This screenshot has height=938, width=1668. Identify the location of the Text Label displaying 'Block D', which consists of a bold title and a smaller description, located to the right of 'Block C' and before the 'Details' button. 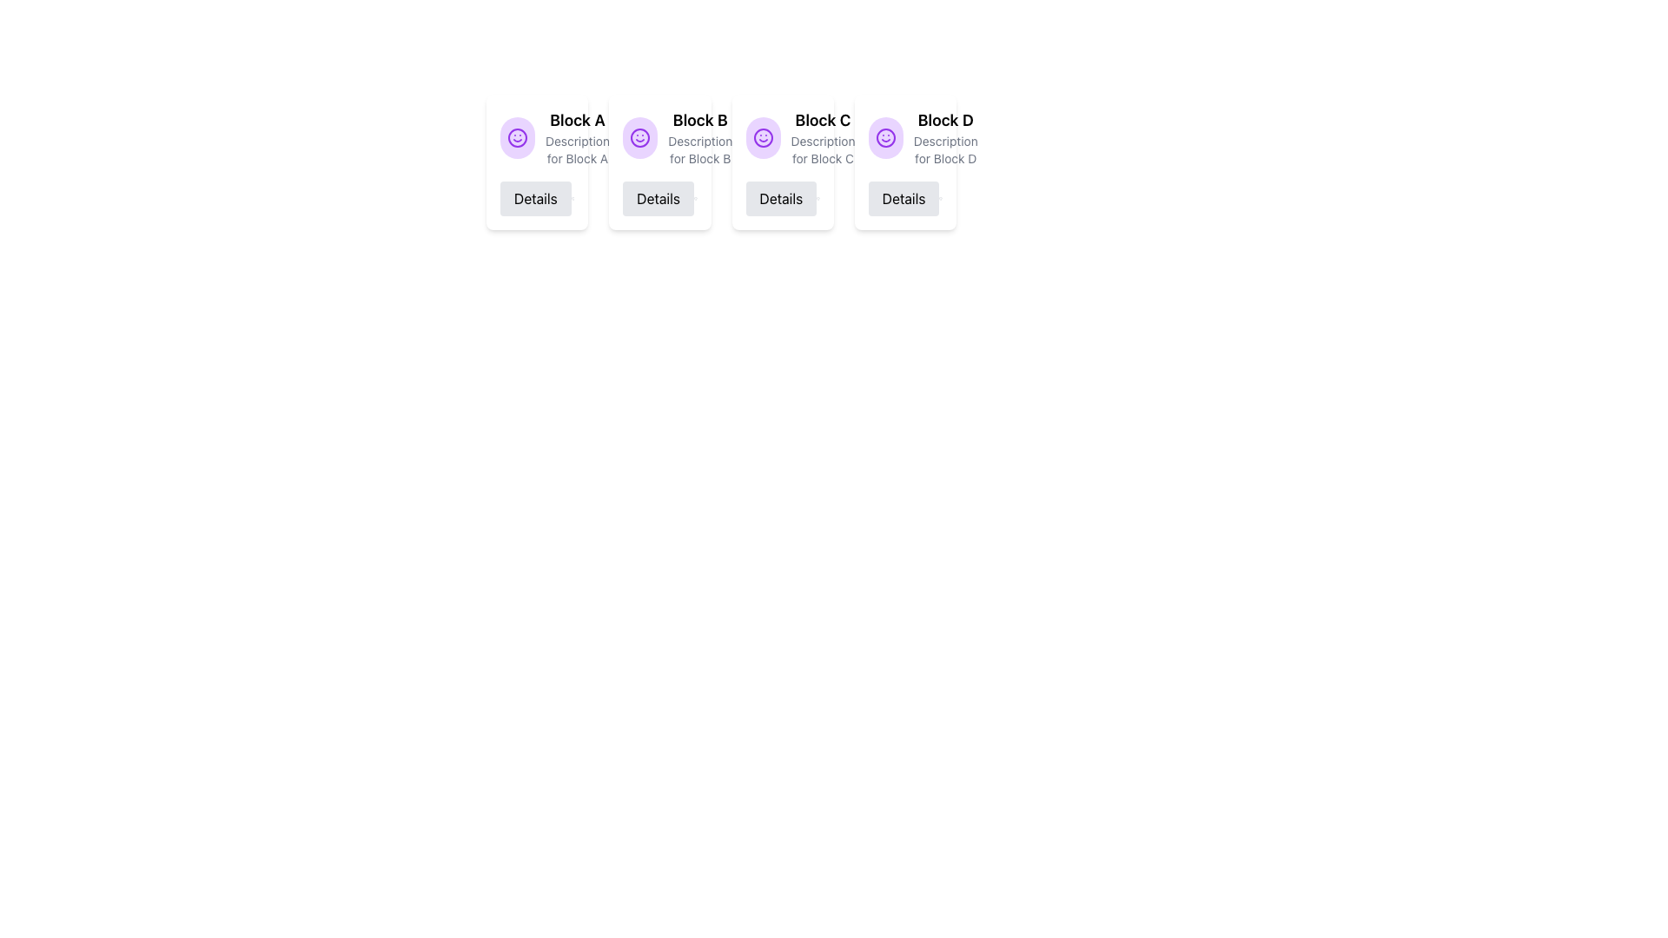
(944, 136).